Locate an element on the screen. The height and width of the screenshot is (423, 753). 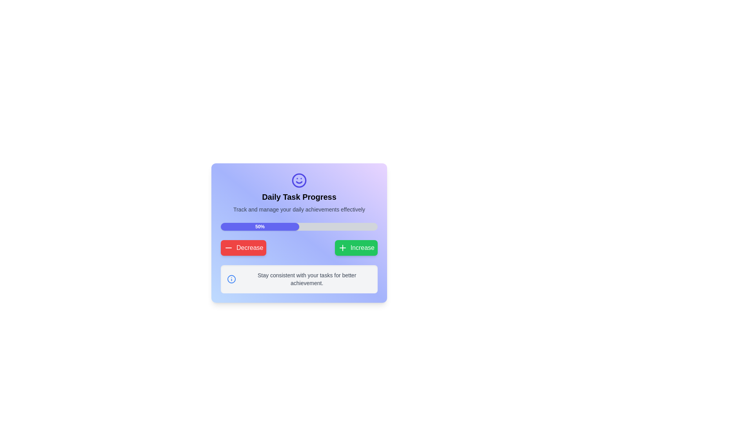
the decorative circle icon within the 'Daily Task Progress' section located at the top of the card-like UI component is located at coordinates (299, 181).